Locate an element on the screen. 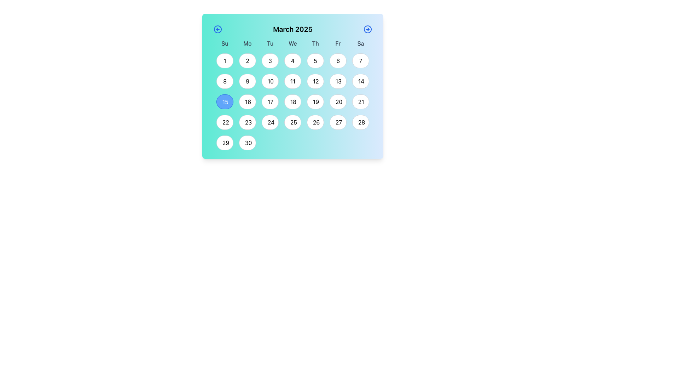 This screenshot has width=679, height=382. the button located on the left side of the calendar UI is located at coordinates (217, 29).